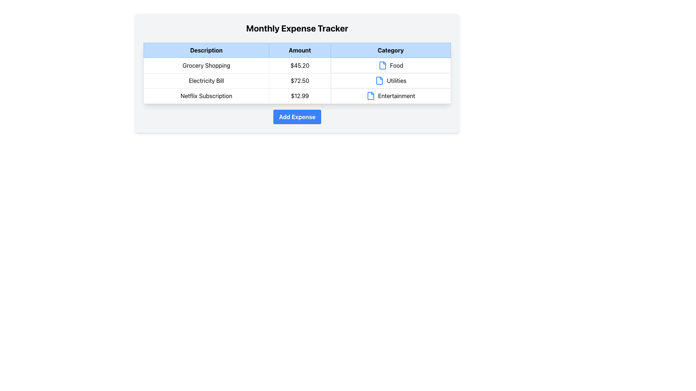  What do you see at coordinates (382, 66) in the screenshot?
I see `the 'Food' category icon located in the first row of the table, to the left of the text 'Food'` at bounding box center [382, 66].